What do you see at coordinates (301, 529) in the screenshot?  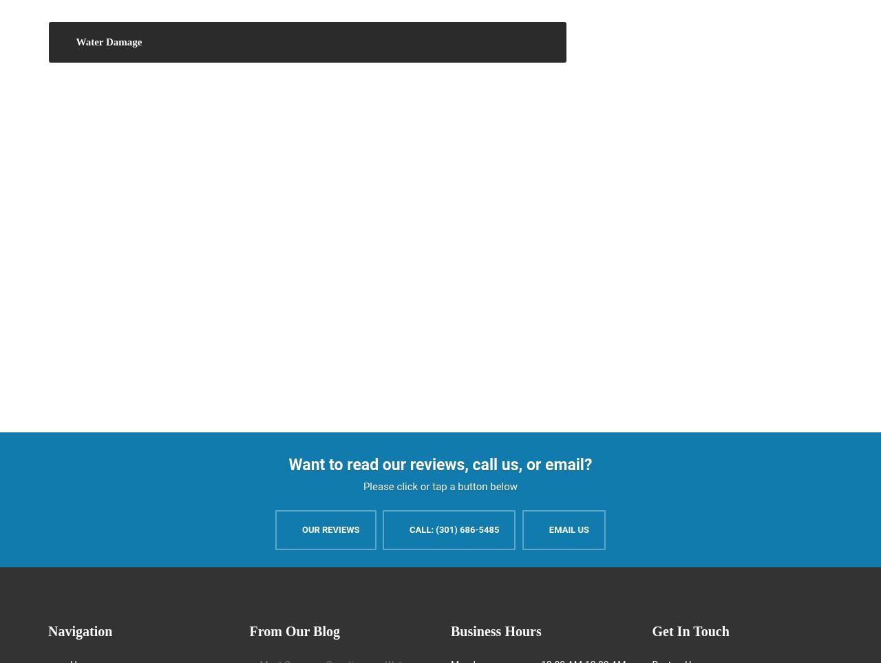 I see `'Our Reviews'` at bounding box center [301, 529].